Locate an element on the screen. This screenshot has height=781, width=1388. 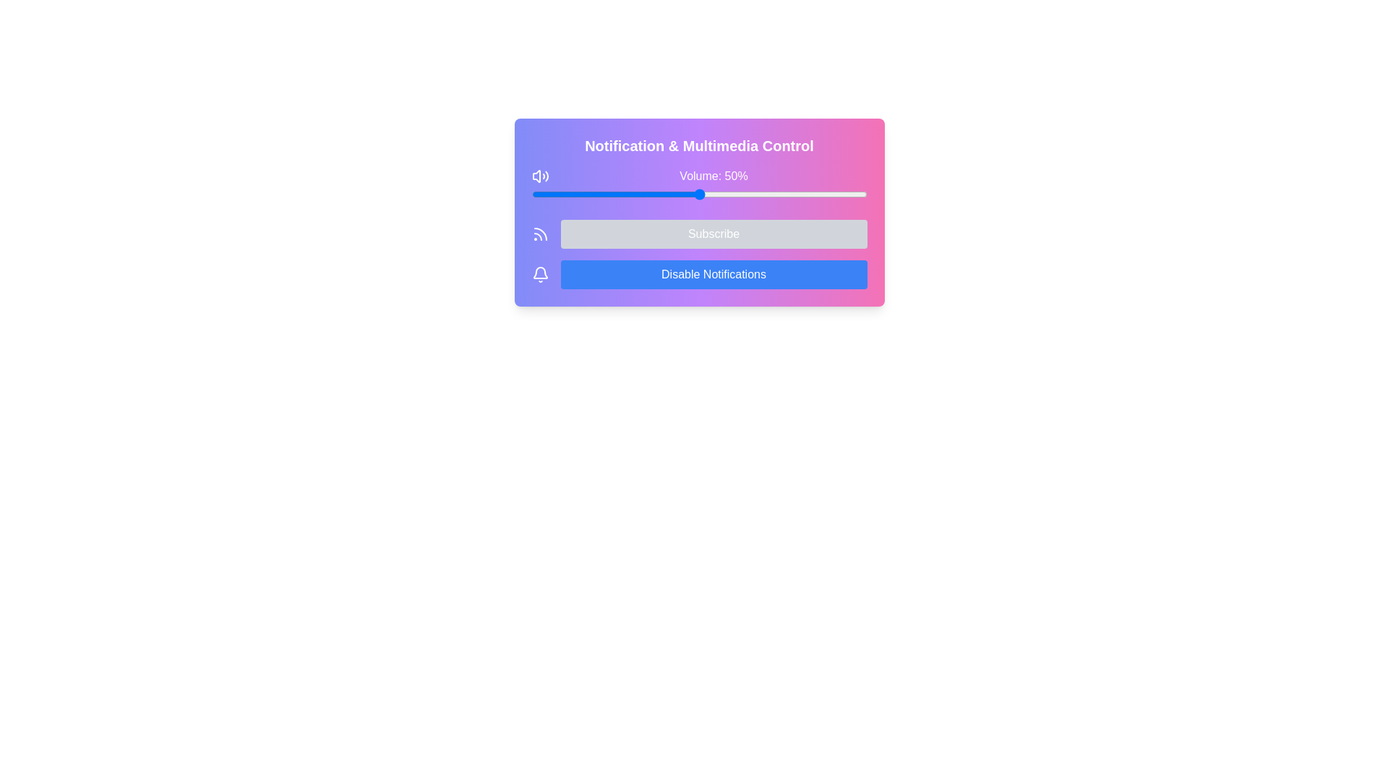
the RSS icon, which is a stylized feed symbol with curved lines and a small circle in the lower-left corner, located immediately to the left of the 'Subscribe' button is located at coordinates (539, 234).